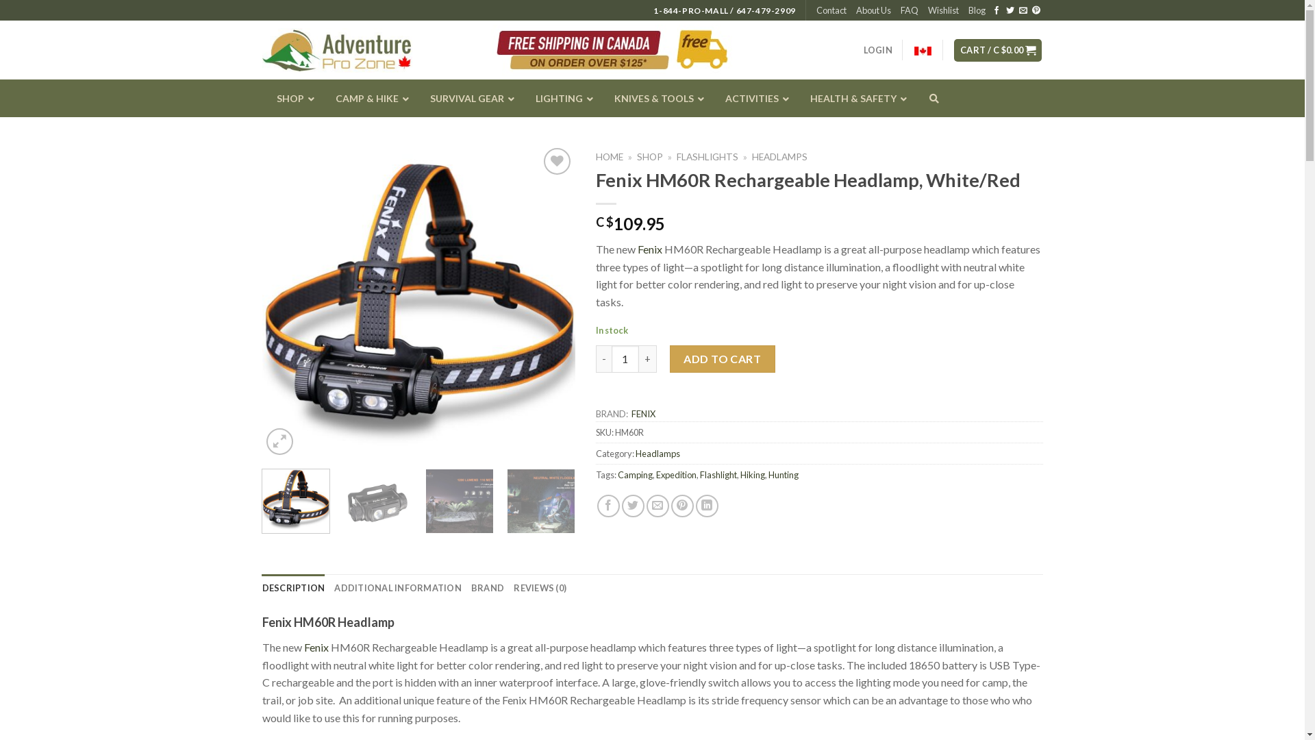 The width and height of the screenshot is (1315, 740). Describe the element at coordinates (1009, 10) in the screenshot. I see `'Follow on Twitter'` at that location.